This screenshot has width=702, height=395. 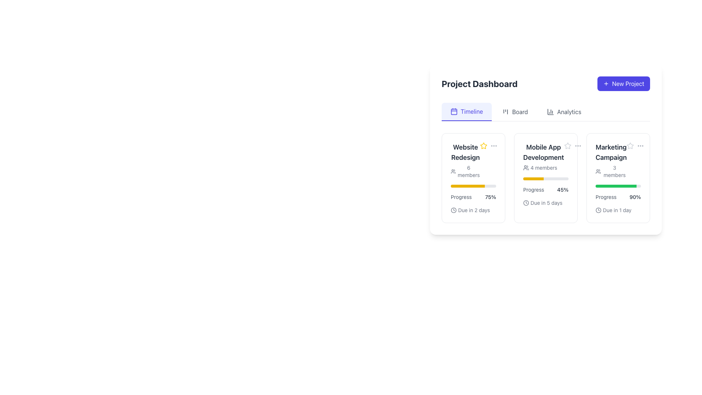 What do you see at coordinates (611, 160) in the screenshot?
I see `displayed information from the Text with icon element labeled 'Marketing Campaign' which includes the text '3 members' and an associated icon` at bounding box center [611, 160].